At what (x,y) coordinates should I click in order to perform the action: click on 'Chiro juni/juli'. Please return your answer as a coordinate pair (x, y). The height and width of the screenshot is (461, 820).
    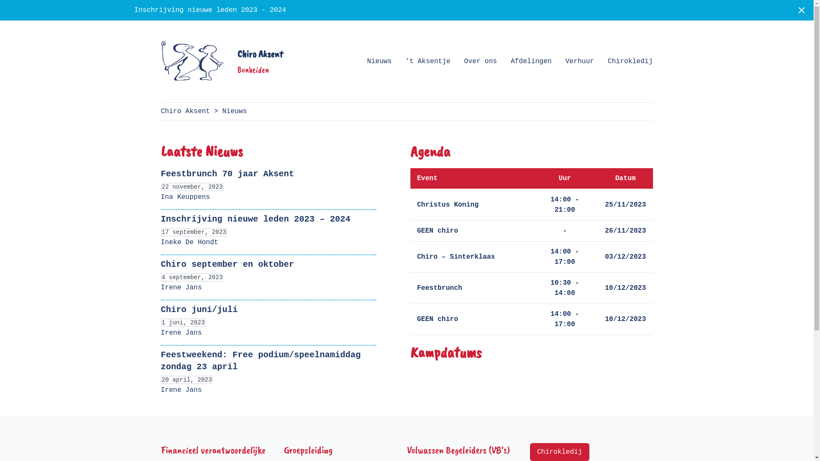
    Looking at the image, I should click on (198, 309).